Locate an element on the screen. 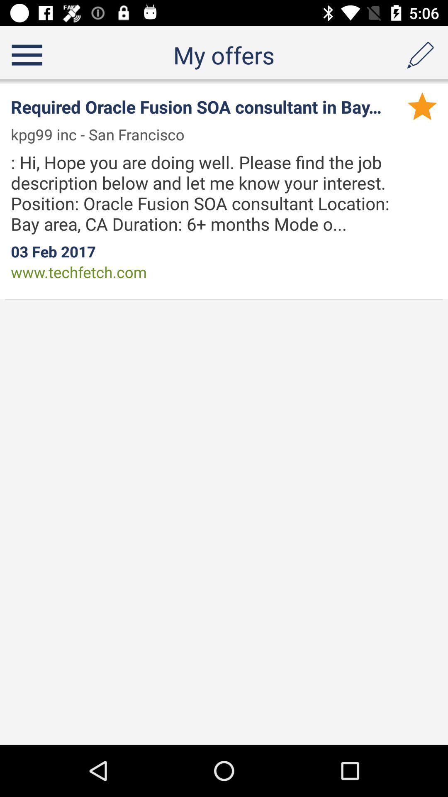 The height and width of the screenshot is (797, 448). the item above hi hope you app is located at coordinates (102, 134).